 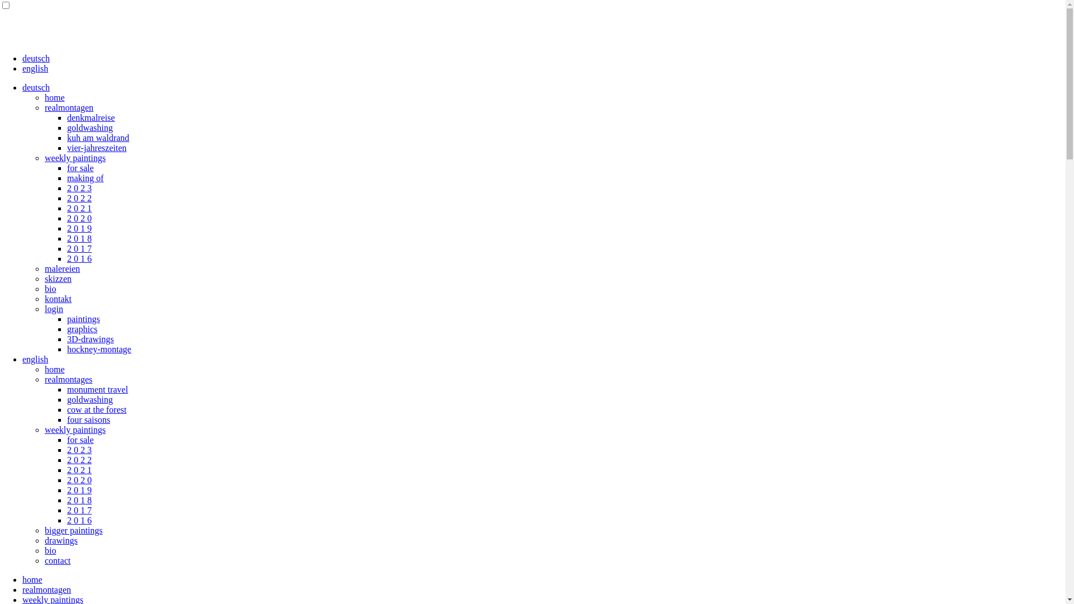 I want to click on 'vier-jahreszeiten', so click(x=96, y=147).